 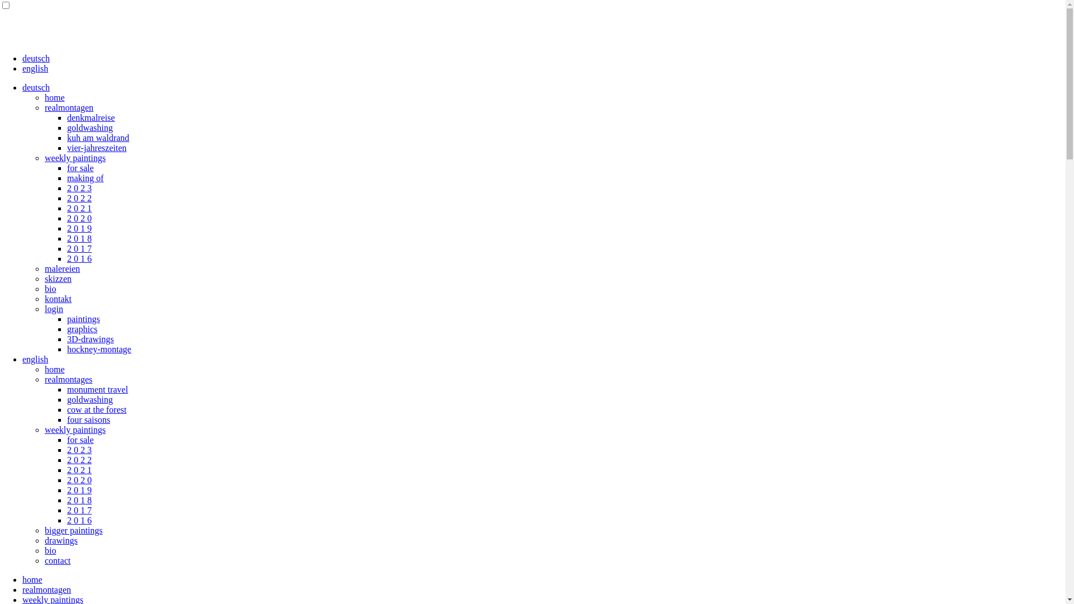 I want to click on 'vier-jahreszeiten', so click(x=96, y=147).